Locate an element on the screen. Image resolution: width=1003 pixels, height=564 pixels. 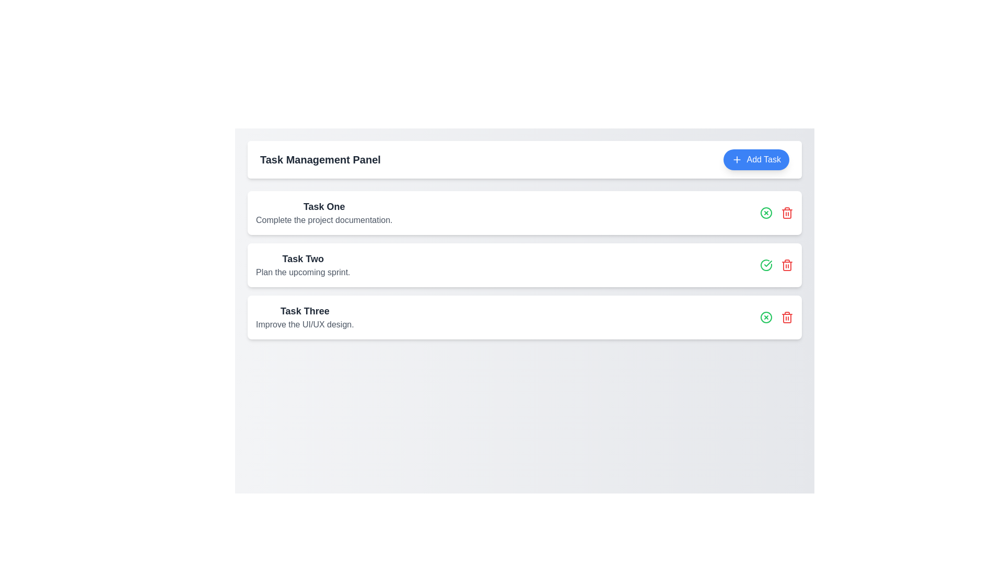
the 'Add Task' button located at the top-right of the header section, adjacent to the 'Task Management Panel' text, to observe visual feedback is located at coordinates (756, 159).